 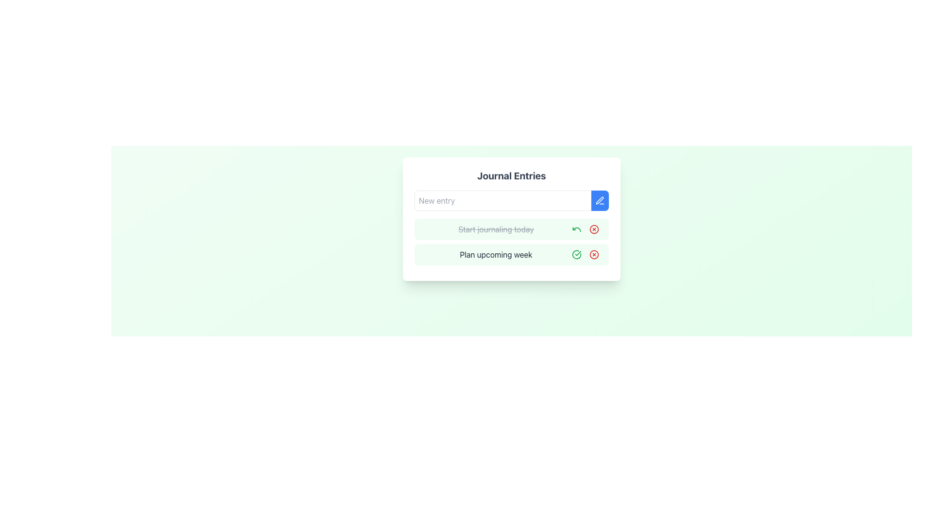 I want to click on the button located in the second row next to the task description 'Plan upcoming week' to trigger a tooltip, so click(x=576, y=254).